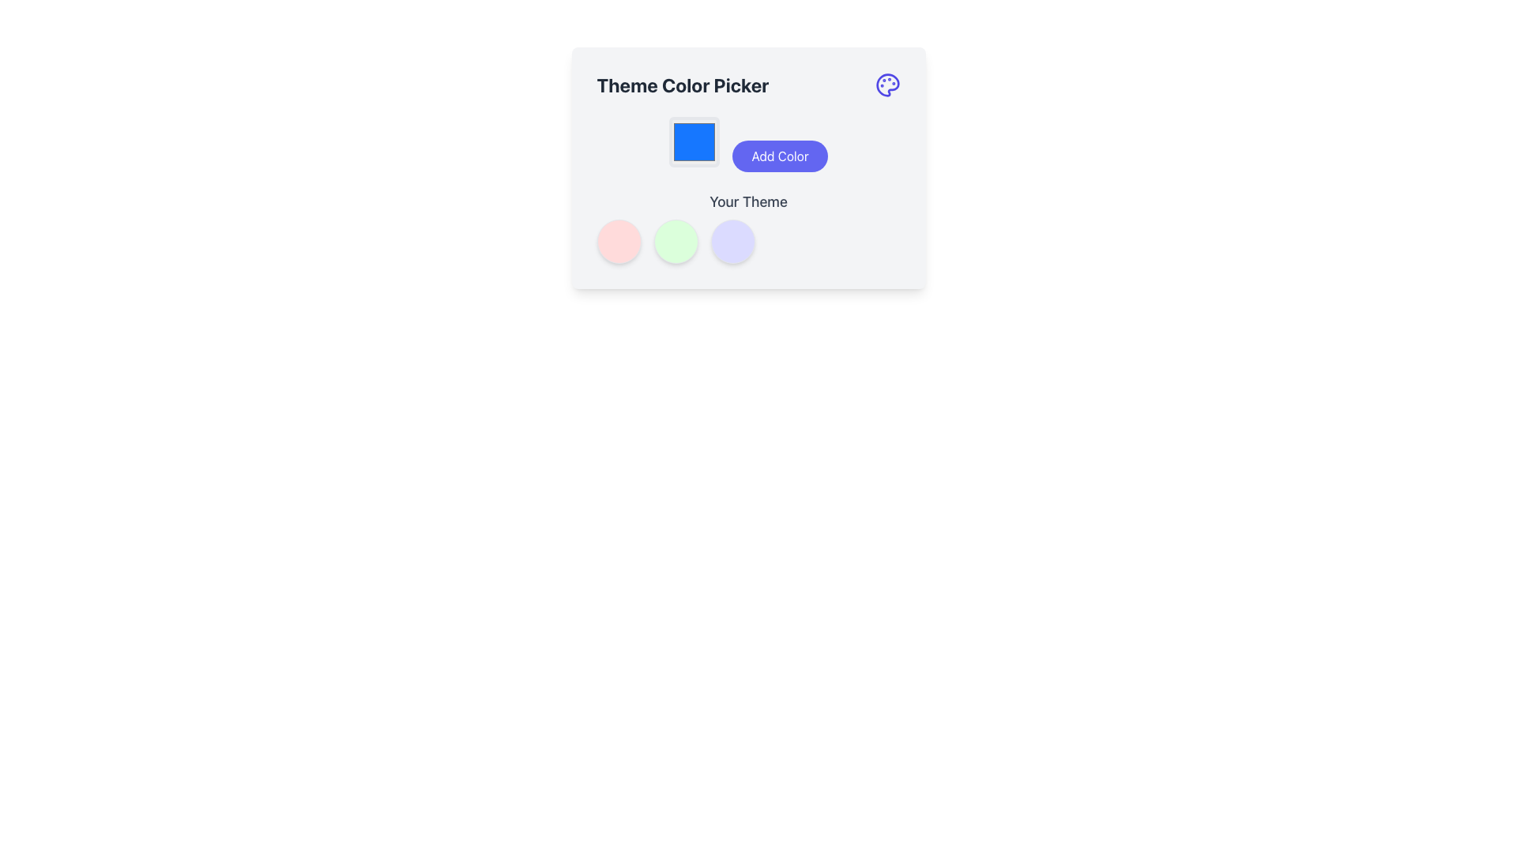 The image size is (1517, 853). I want to click on the indigo button labeled 'Add Color', so click(780, 156).